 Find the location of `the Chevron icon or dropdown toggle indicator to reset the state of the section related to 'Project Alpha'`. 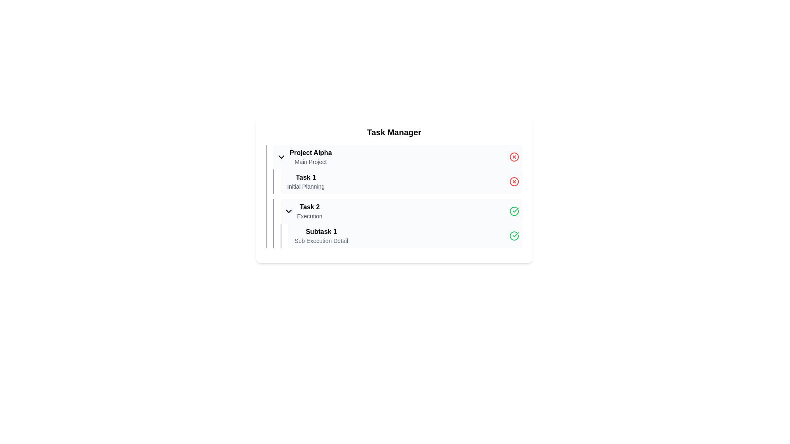

the Chevron icon or dropdown toggle indicator to reset the state of the section related to 'Project Alpha' is located at coordinates (281, 157).